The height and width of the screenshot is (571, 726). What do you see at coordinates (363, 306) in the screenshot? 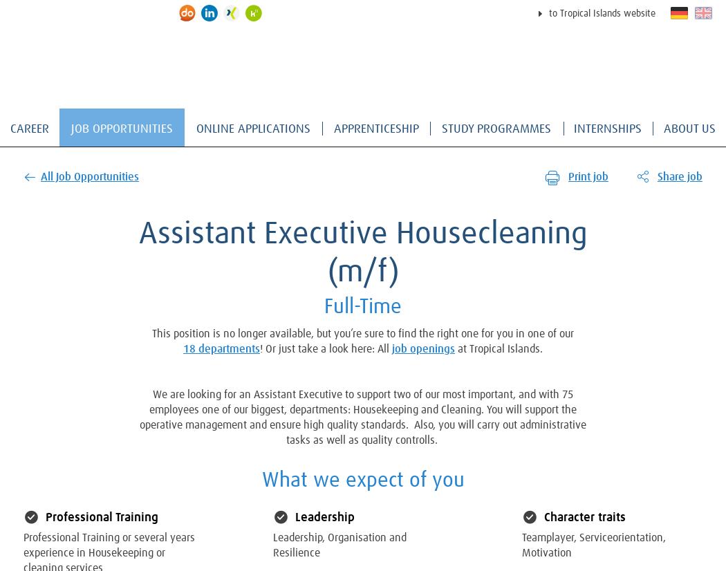
I see `'Full-Time'` at bounding box center [363, 306].